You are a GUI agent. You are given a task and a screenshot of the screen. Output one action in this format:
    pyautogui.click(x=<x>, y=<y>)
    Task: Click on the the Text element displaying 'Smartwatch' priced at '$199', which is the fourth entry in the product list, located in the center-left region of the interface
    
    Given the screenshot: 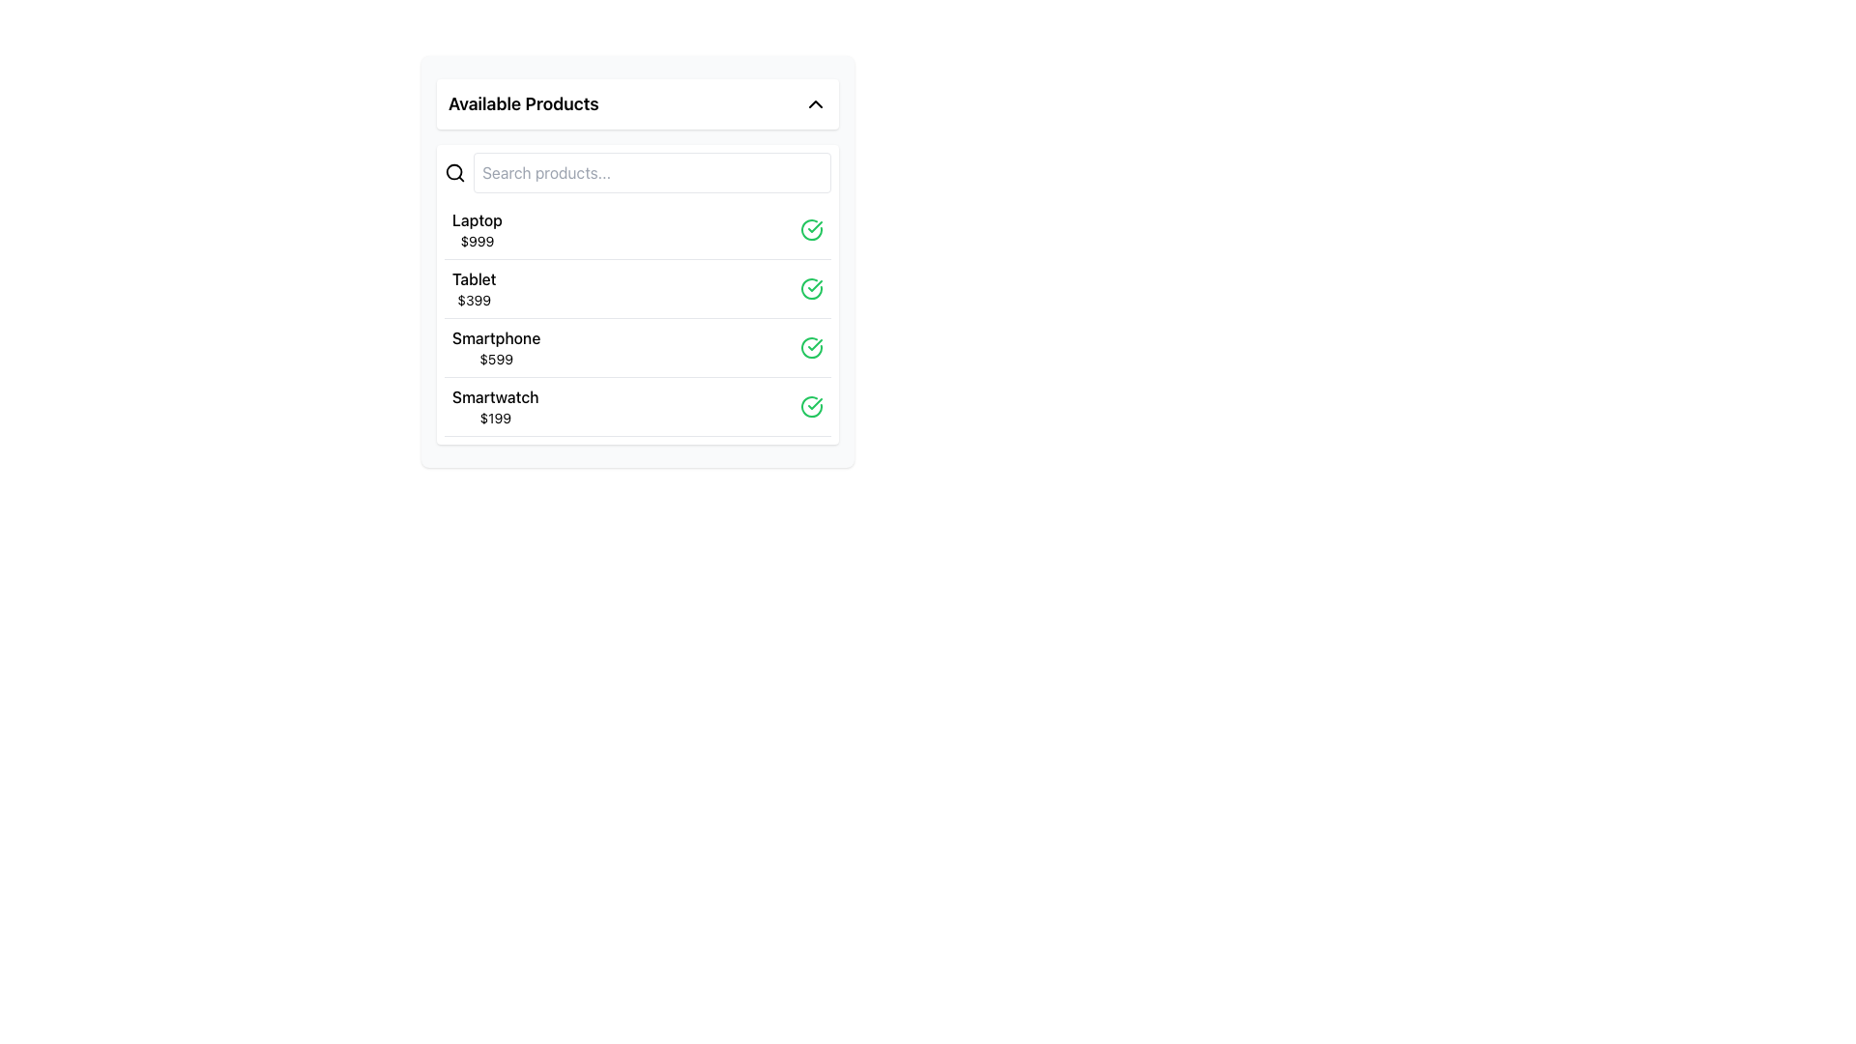 What is the action you would take?
    pyautogui.click(x=495, y=405)
    